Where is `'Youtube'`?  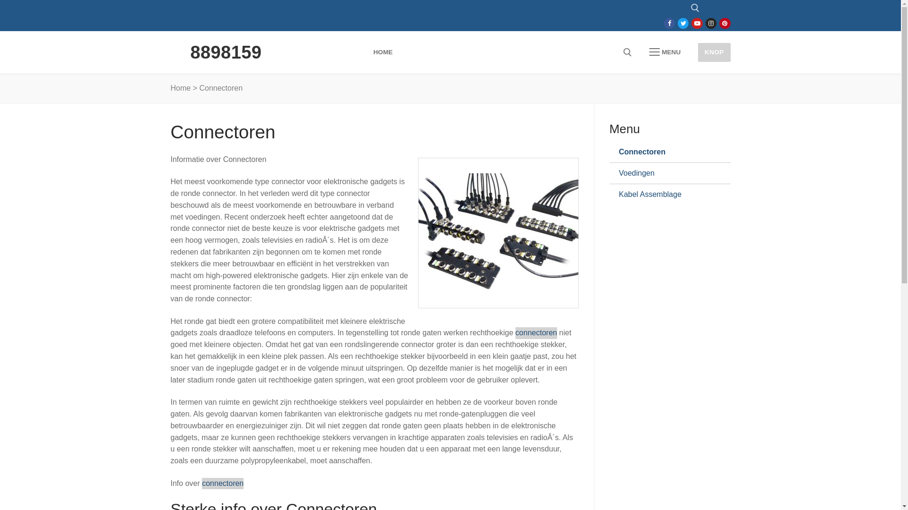 'Youtube' is located at coordinates (697, 23).